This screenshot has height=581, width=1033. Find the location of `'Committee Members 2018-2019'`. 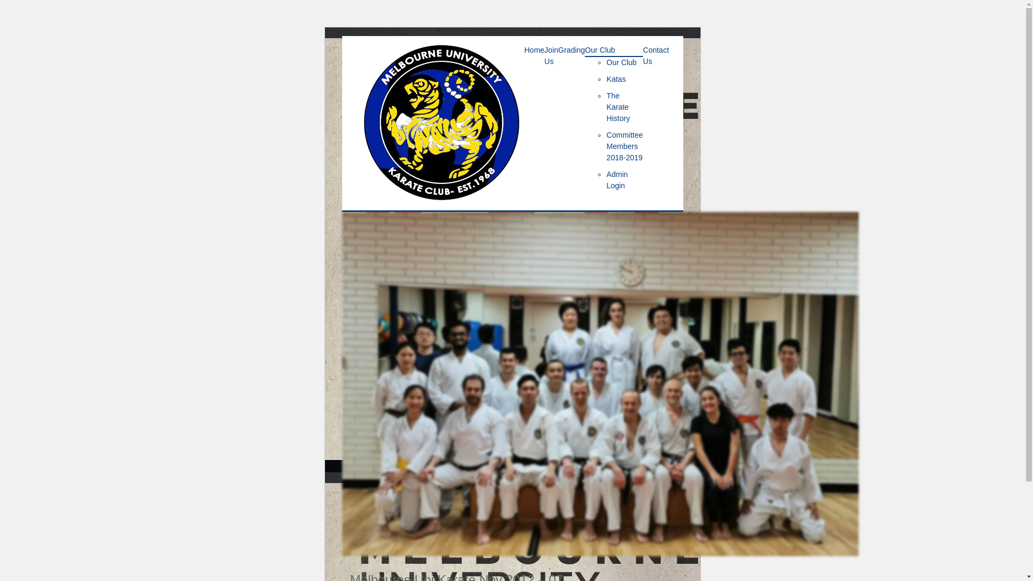

'Committee Members 2018-2019' is located at coordinates (625, 145).